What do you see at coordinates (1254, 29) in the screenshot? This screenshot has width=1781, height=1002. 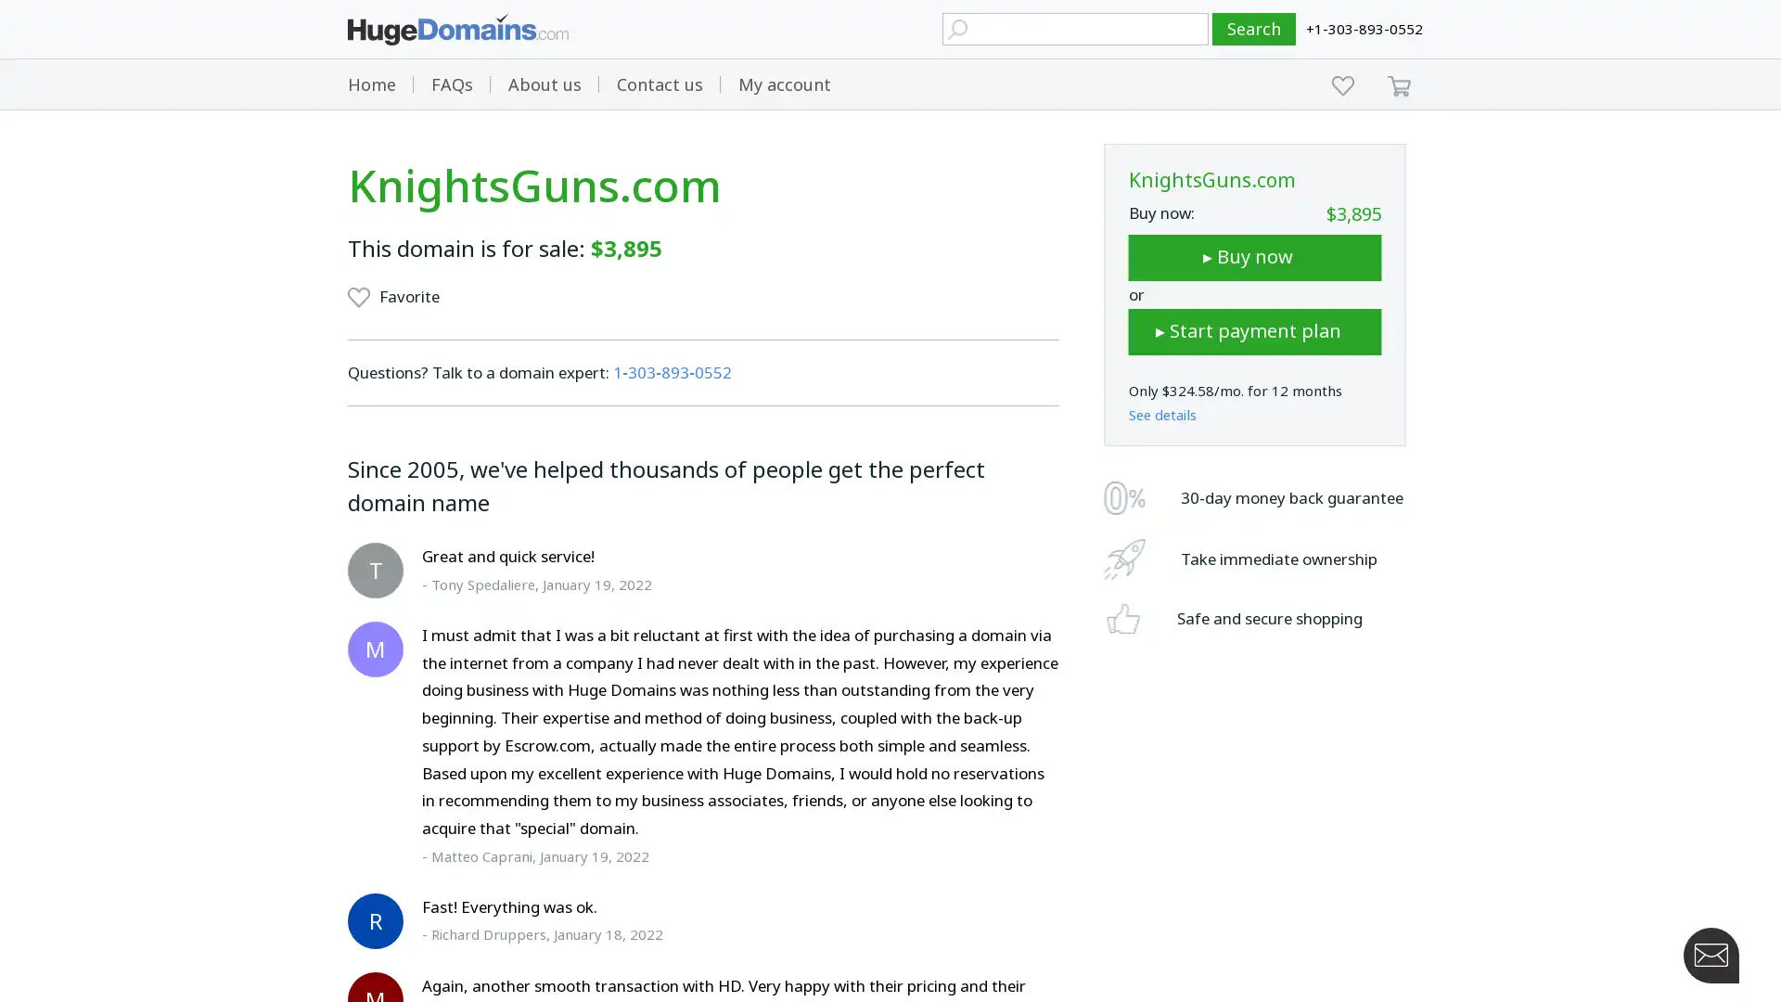 I see `Search` at bounding box center [1254, 29].